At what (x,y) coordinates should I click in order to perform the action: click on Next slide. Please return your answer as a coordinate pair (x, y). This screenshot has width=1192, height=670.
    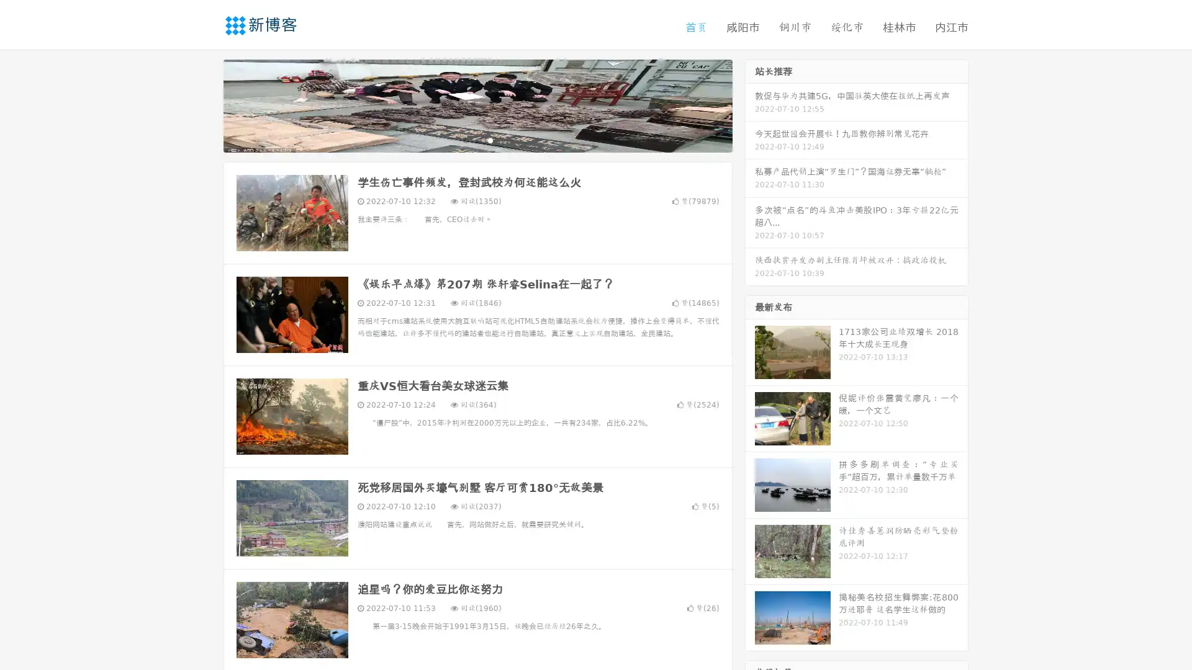
    Looking at the image, I should click on (750, 104).